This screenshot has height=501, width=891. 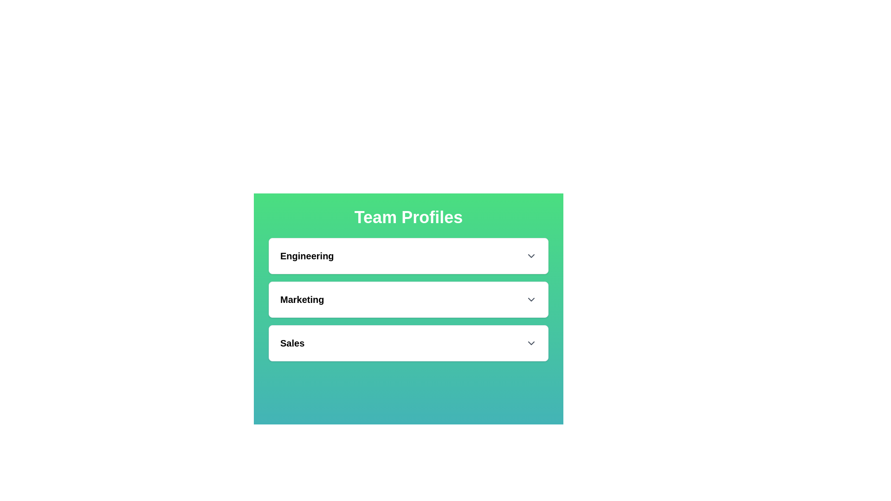 I want to click on the 'Engineering' dropdown menu item located at the top of the 'Team Profiles' panel, so click(x=408, y=256).